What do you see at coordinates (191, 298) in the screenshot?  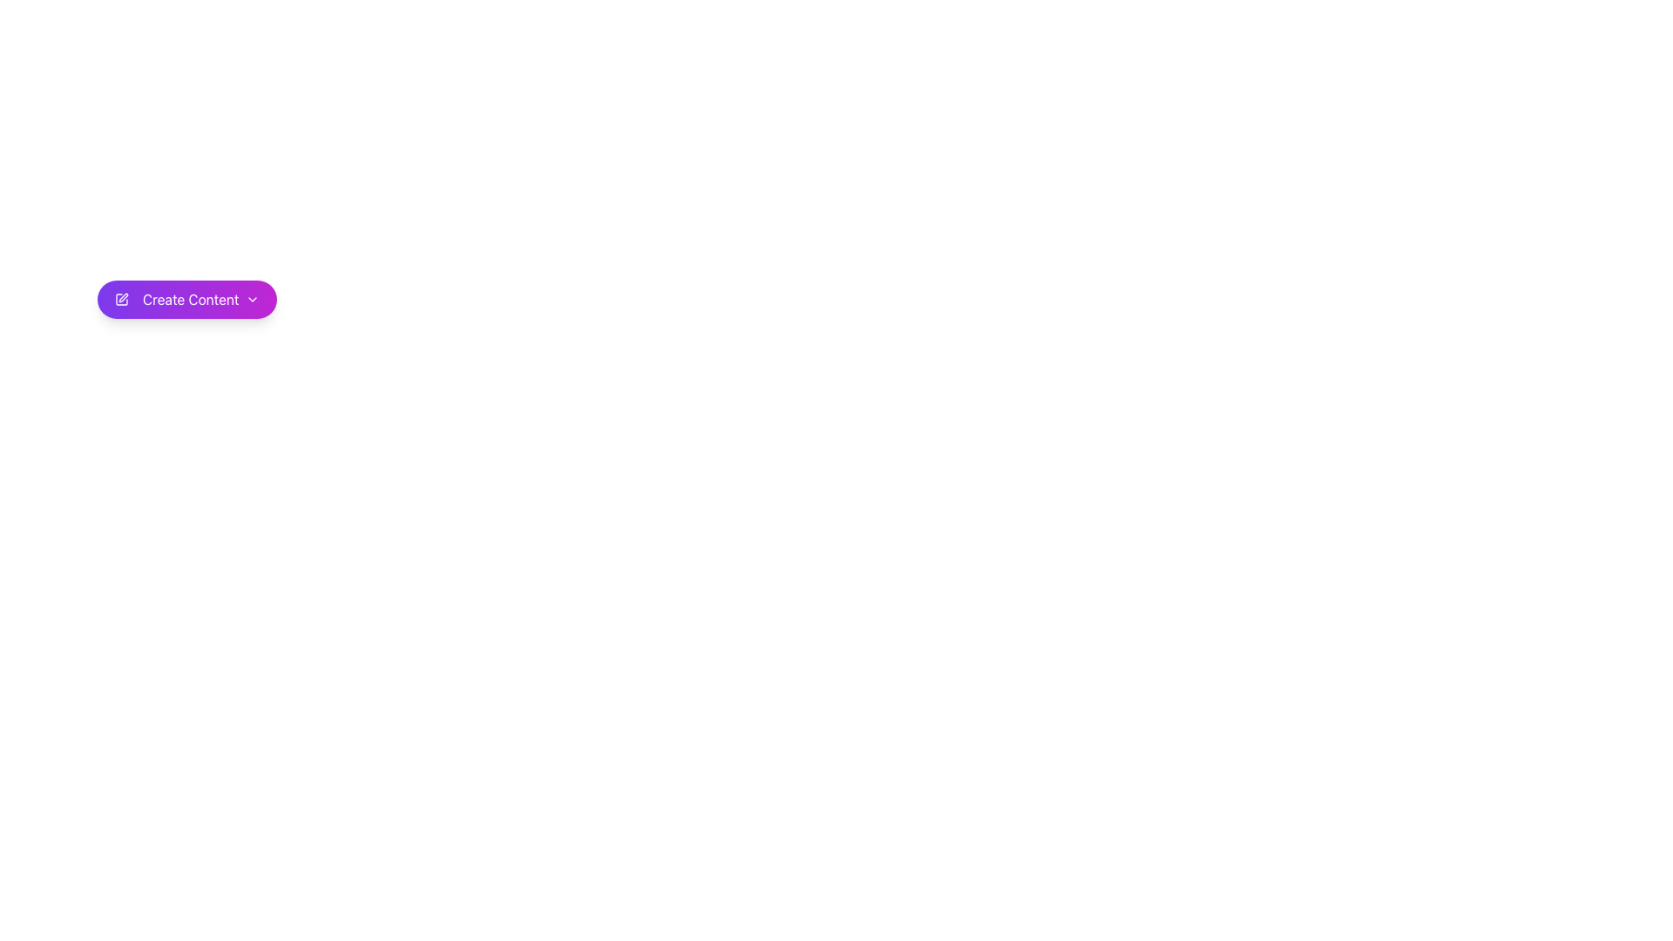 I see `the 'Create Content' text label, which is styled with a white font on a gradient purple background and located centrally within a rounded rectangular button-like component` at bounding box center [191, 298].